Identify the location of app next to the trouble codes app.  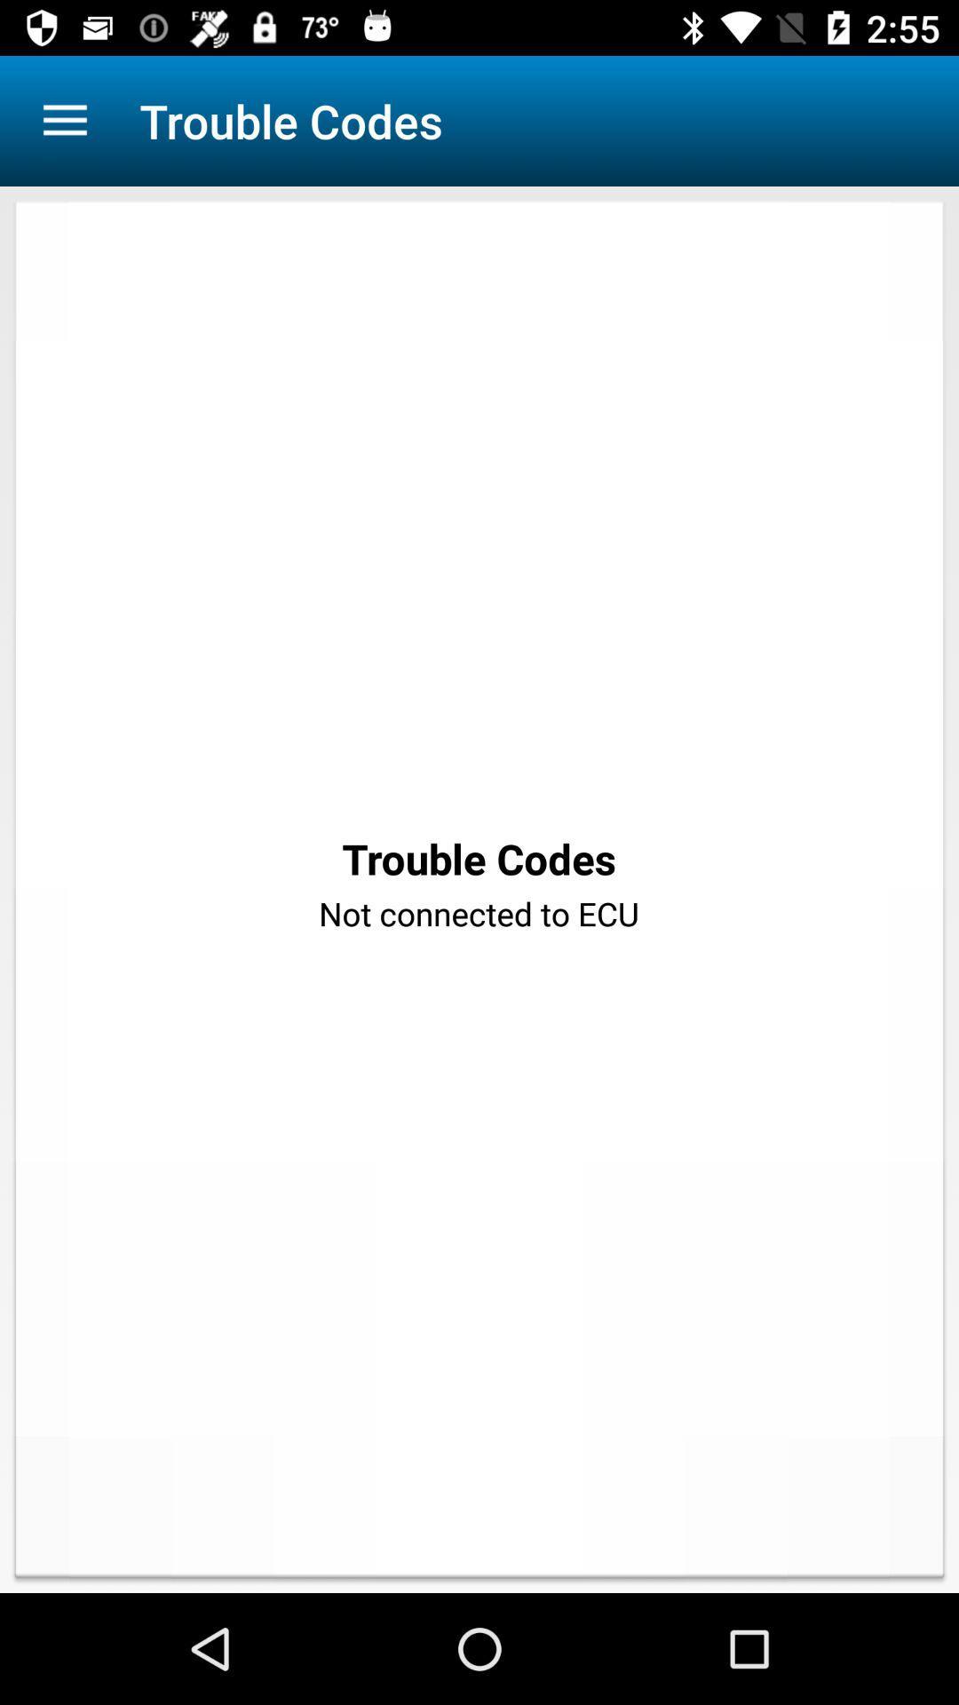
(64, 120).